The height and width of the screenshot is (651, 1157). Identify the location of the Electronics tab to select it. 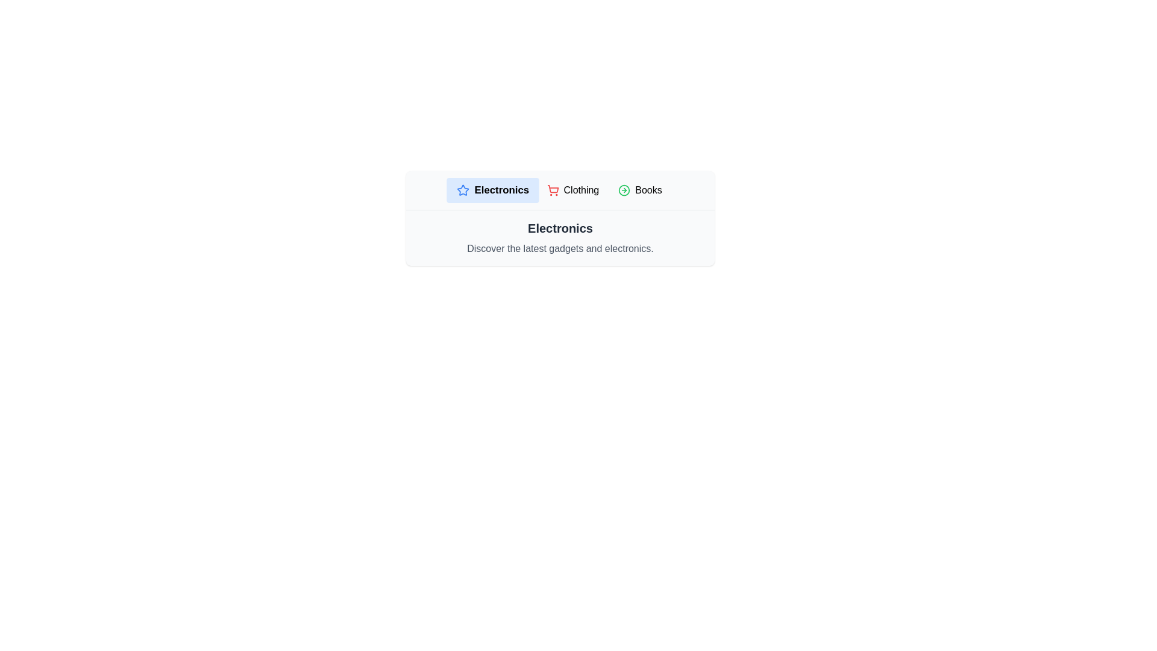
(492, 190).